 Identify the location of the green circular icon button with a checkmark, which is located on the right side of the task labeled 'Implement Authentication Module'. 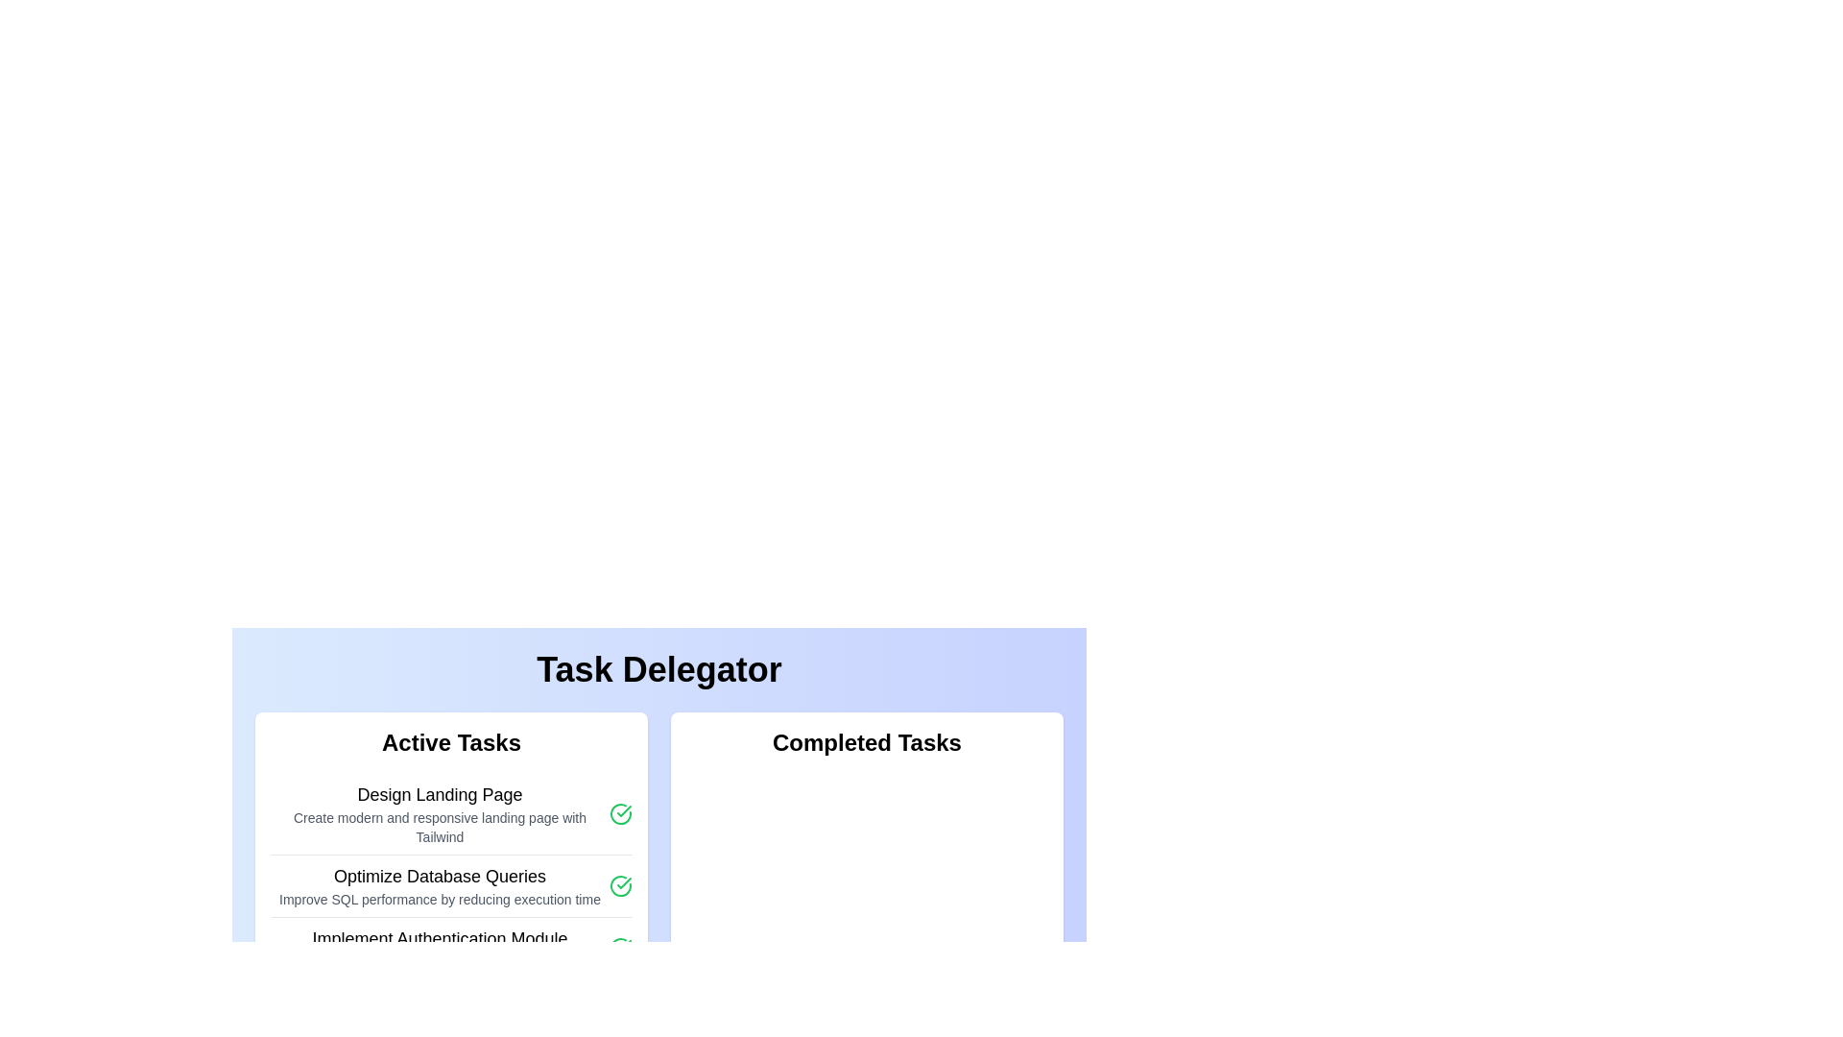
(621, 947).